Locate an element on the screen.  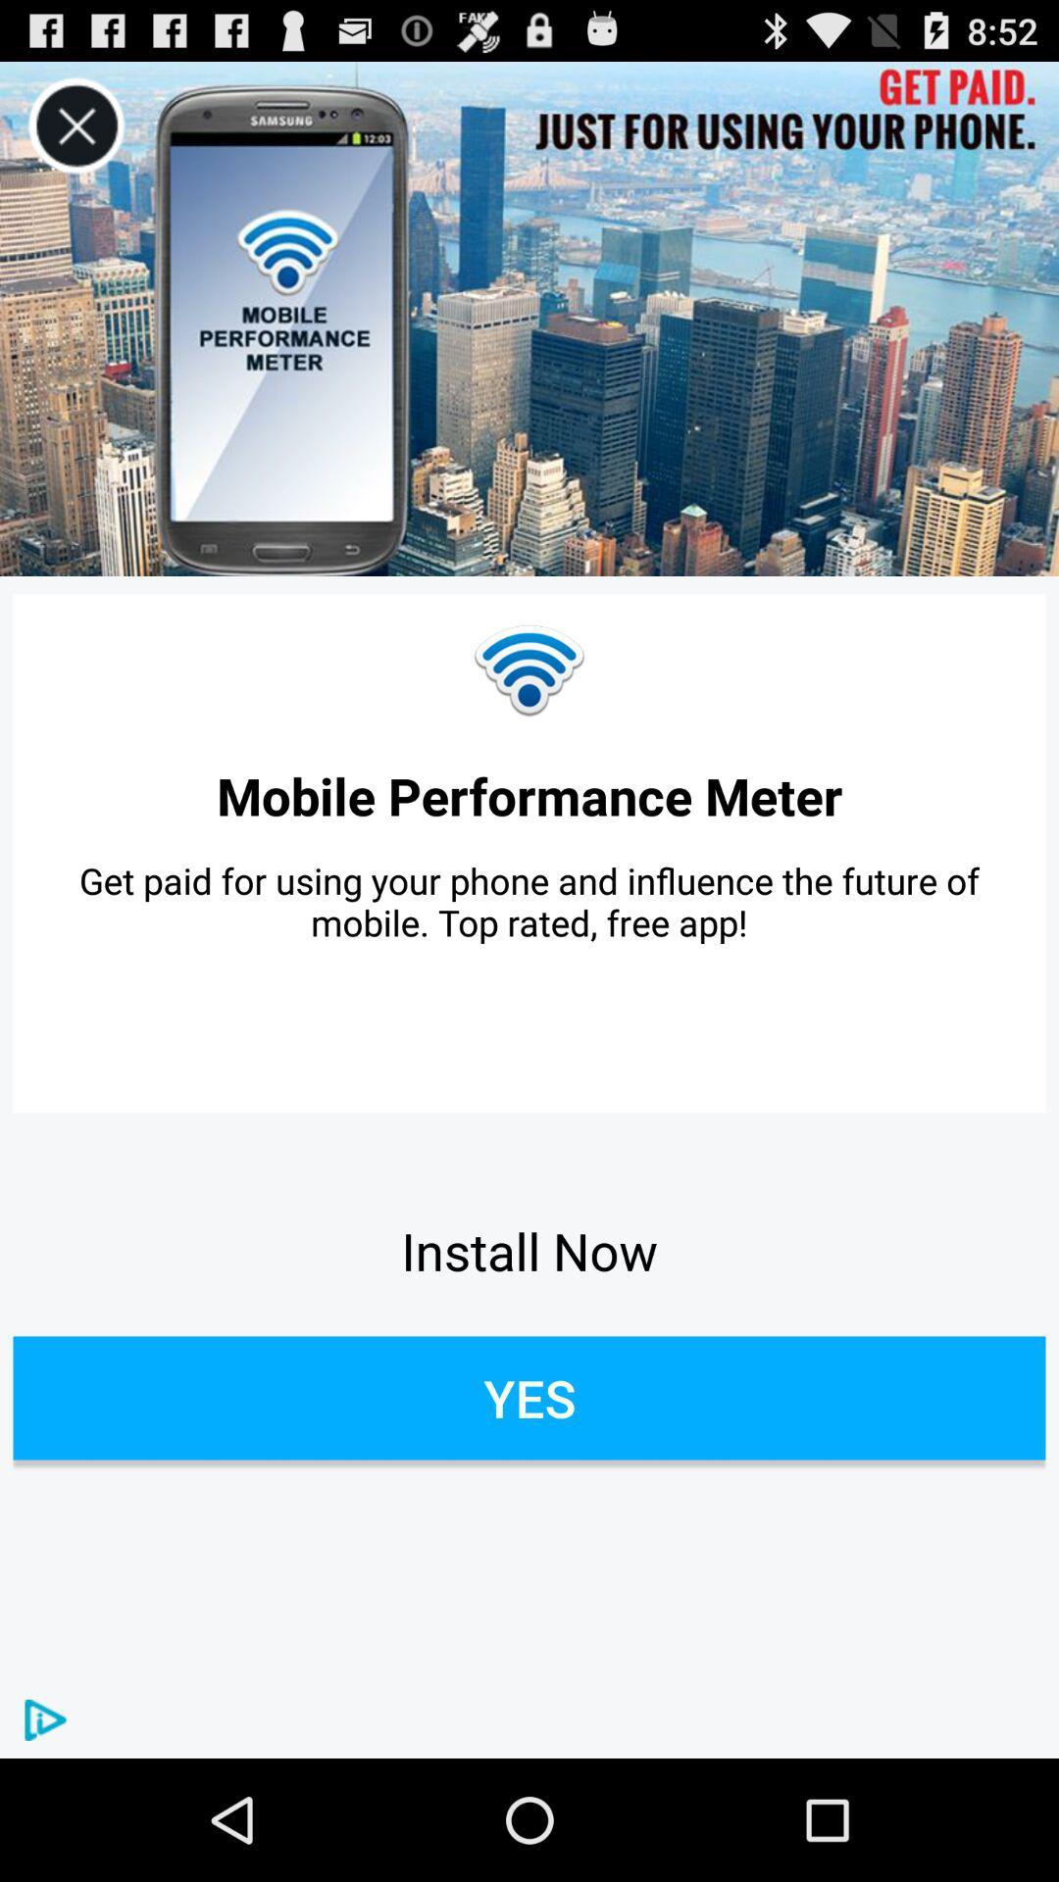
the icon at the bottom is located at coordinates (529, 1397).